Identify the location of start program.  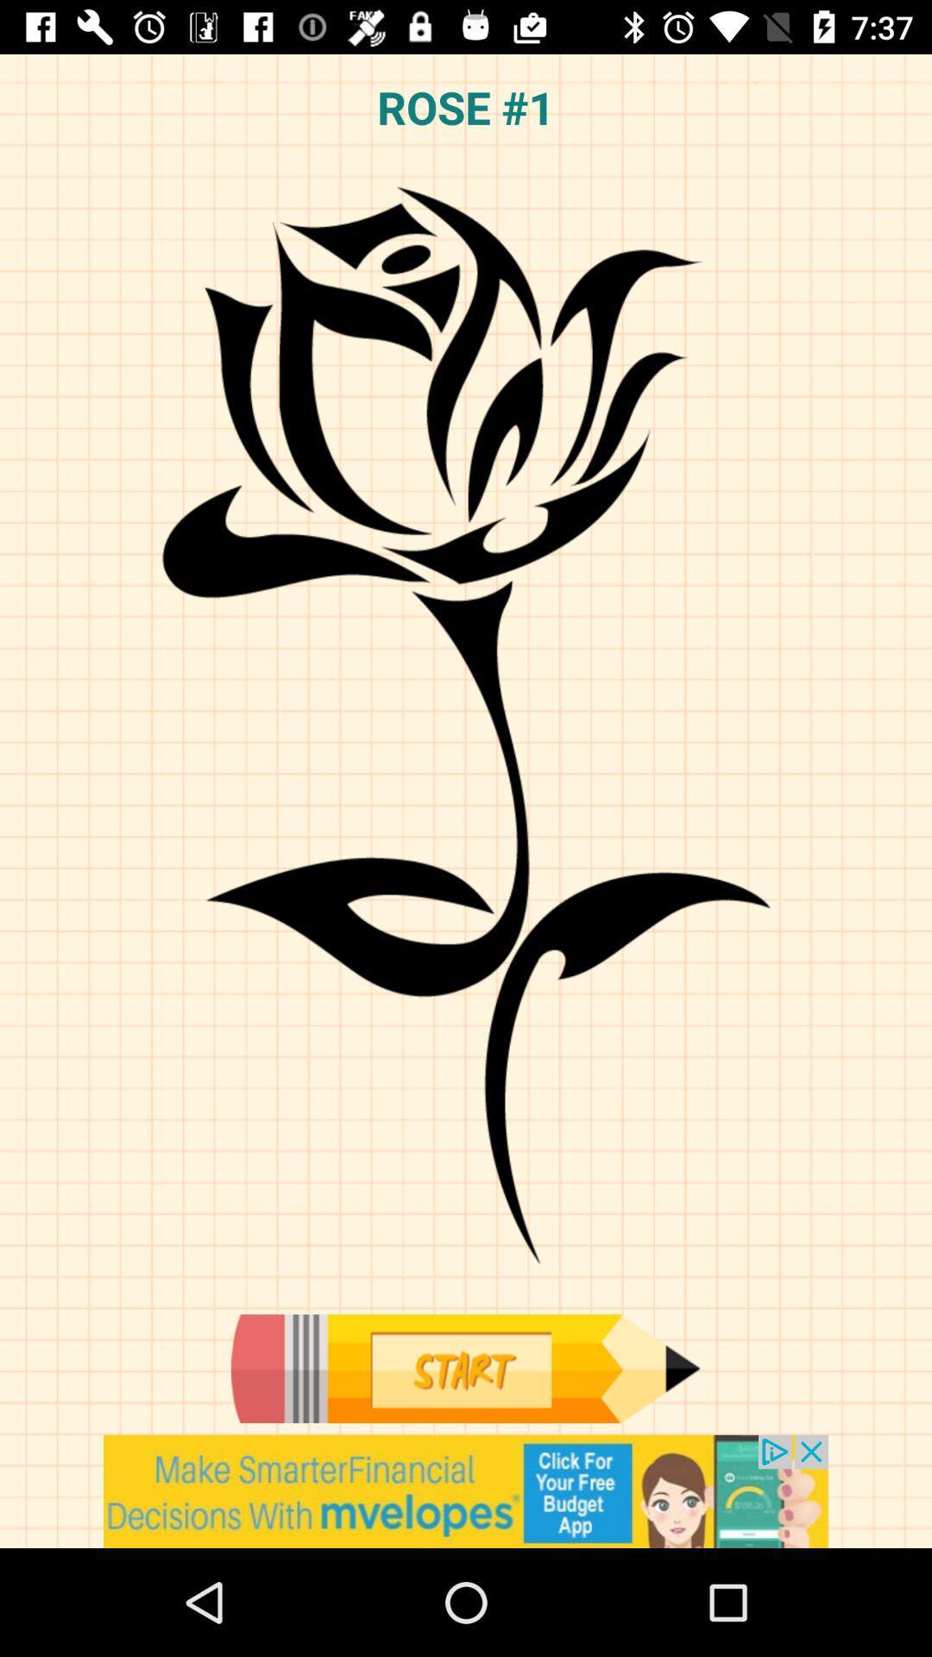
(464, 1368).